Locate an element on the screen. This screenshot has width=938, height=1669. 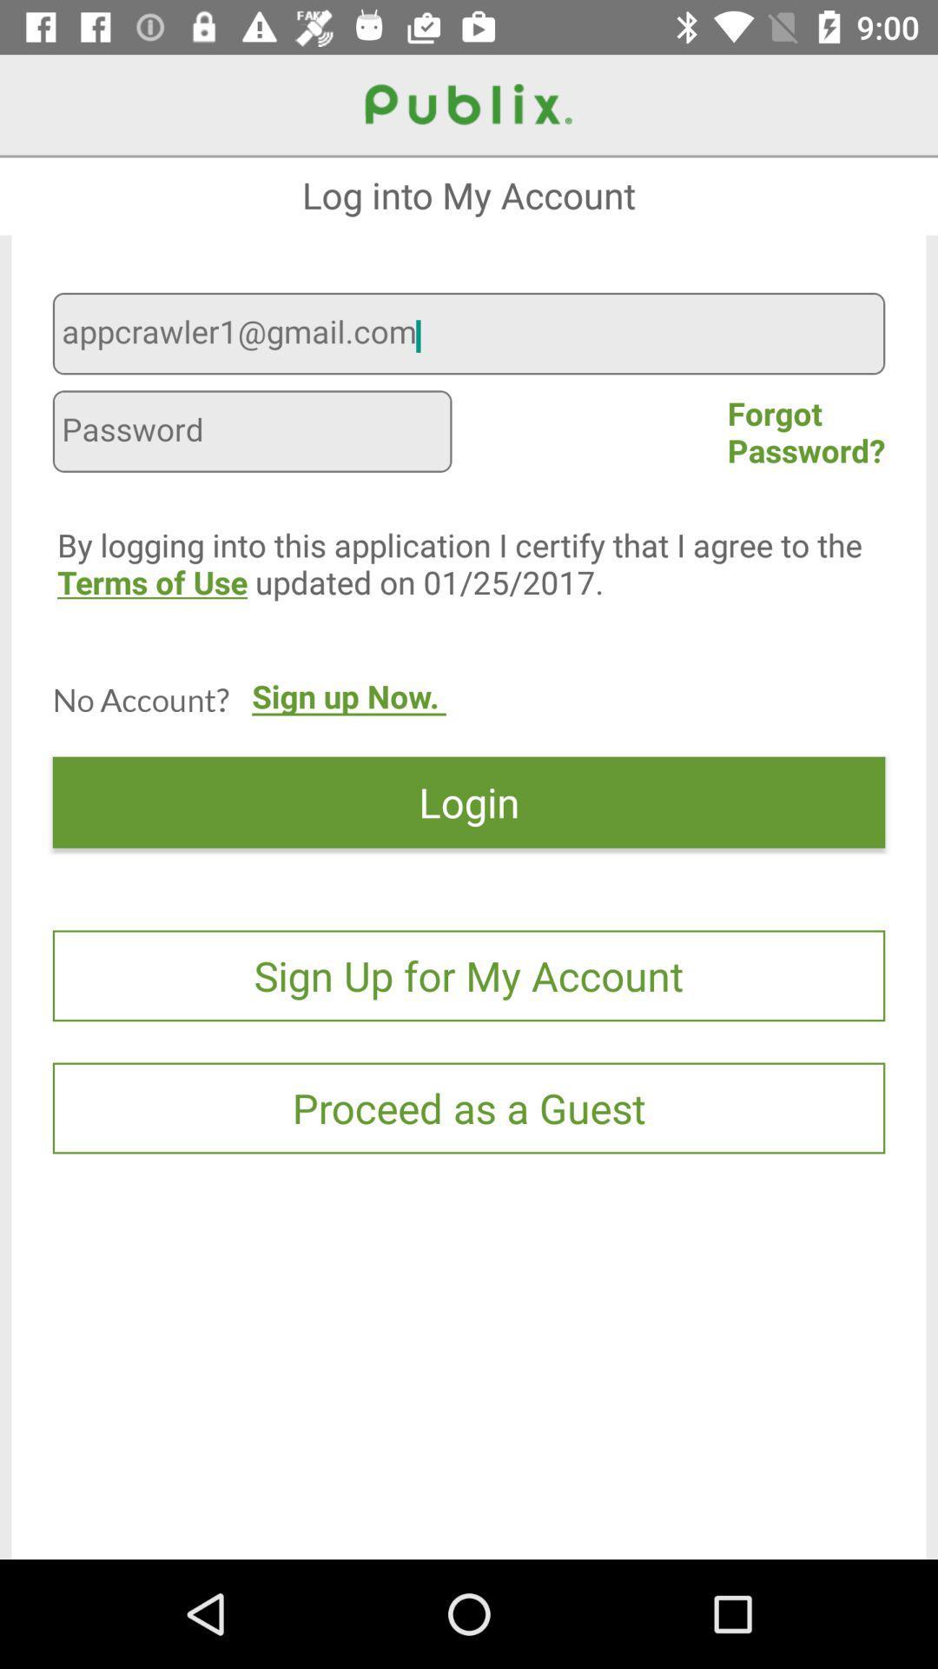
item above the login item is located at coordinates (348, 714).